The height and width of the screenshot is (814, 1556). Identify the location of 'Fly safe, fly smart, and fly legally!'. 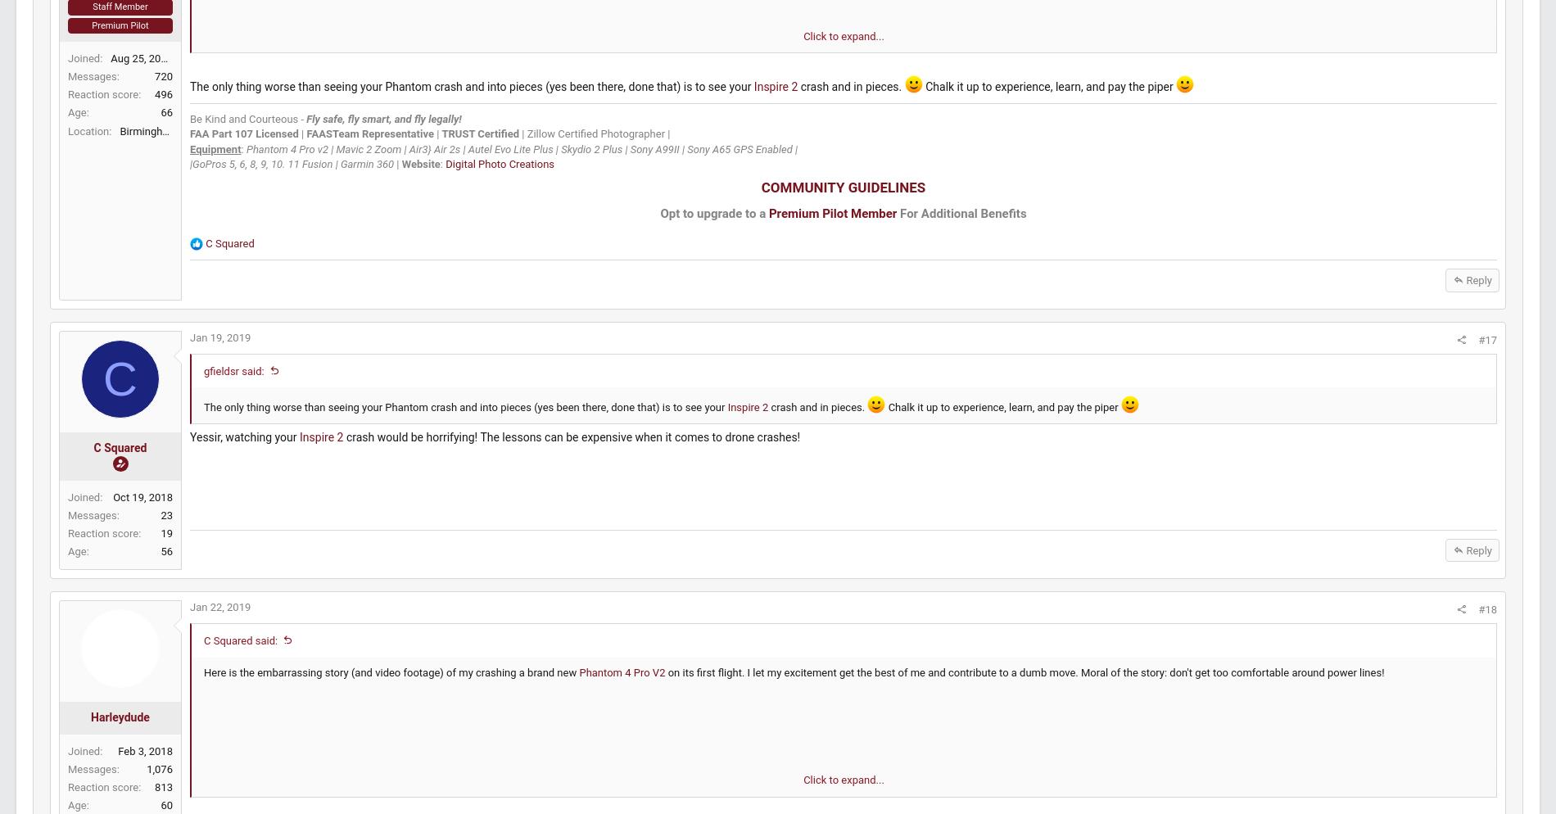
(423, 170).